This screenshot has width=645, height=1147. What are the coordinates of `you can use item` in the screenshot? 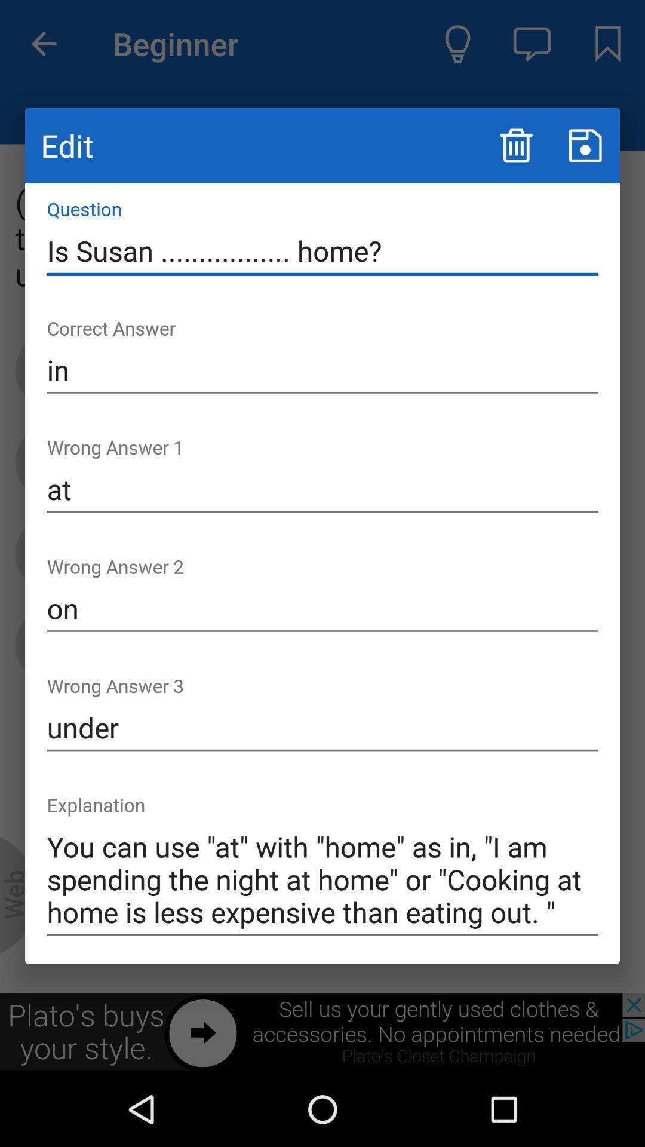 It's located at (322, 880).